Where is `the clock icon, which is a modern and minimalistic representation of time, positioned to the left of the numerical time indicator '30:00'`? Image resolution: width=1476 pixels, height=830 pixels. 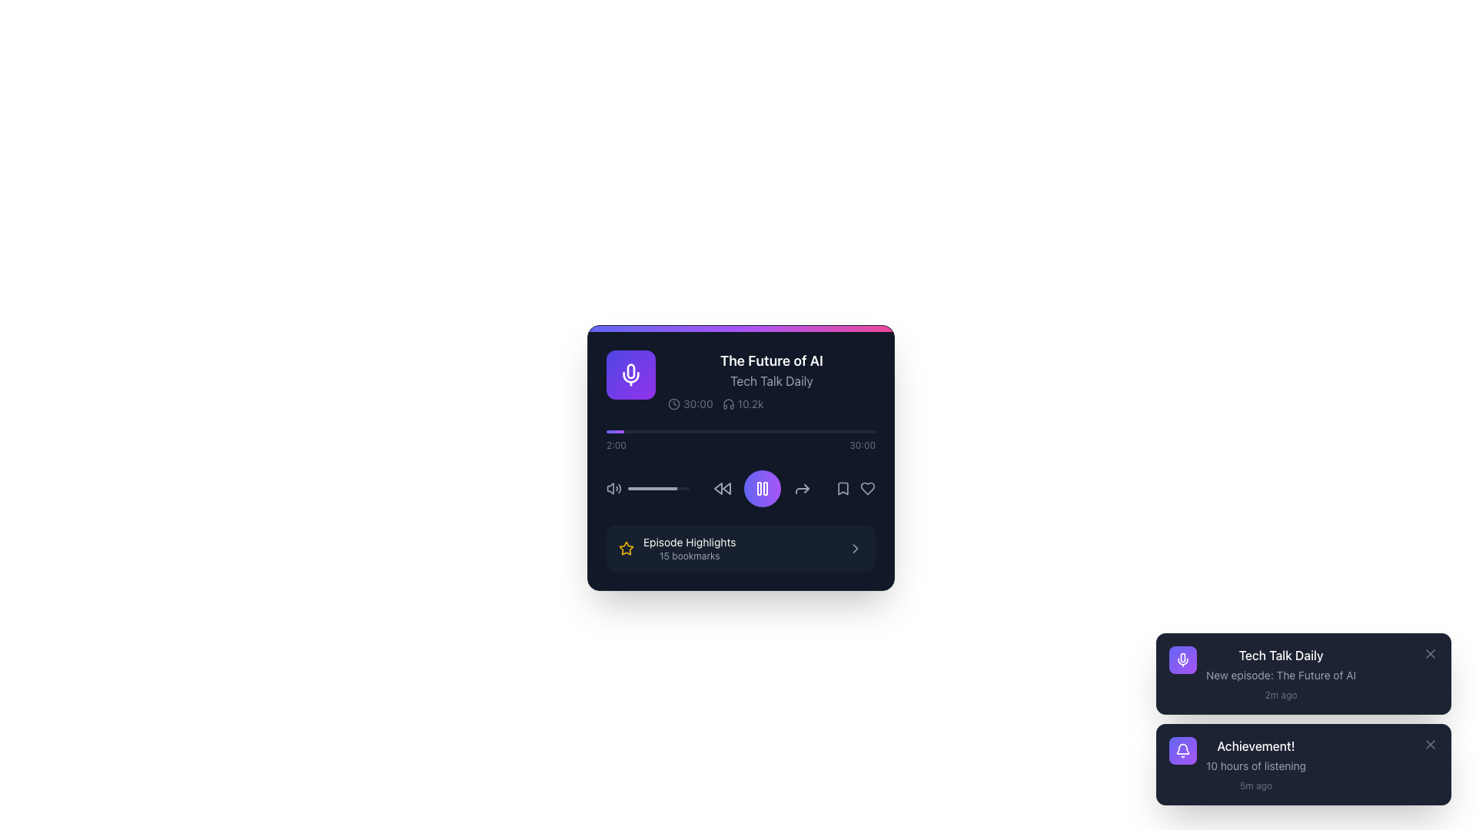 the clock icon, which is a modern and minimalistic representation of time, positioned to the left of the numerical time indicator '30:00' is located at coordinates (674, 403).